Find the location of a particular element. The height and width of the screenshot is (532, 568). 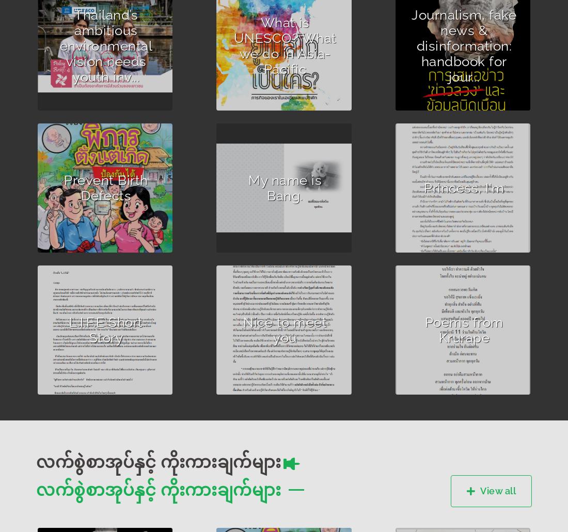

'Accessib...' is located at coordinates (251, 219).